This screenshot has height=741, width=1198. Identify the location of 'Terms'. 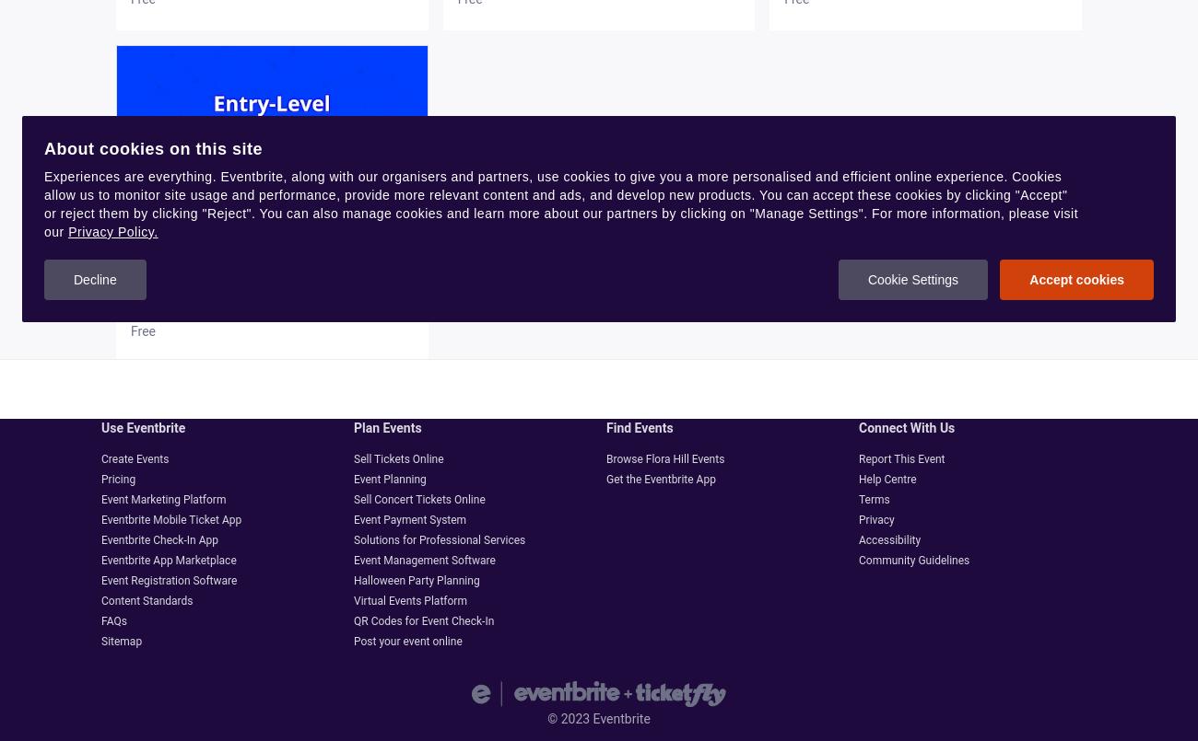
(874, 498).